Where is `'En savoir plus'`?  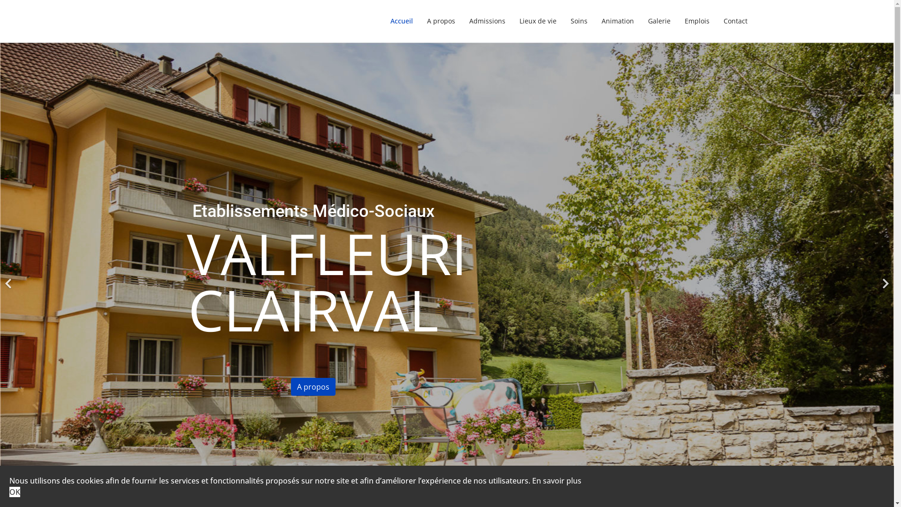
'En savoir plus' is located at coordinates (557, 480).